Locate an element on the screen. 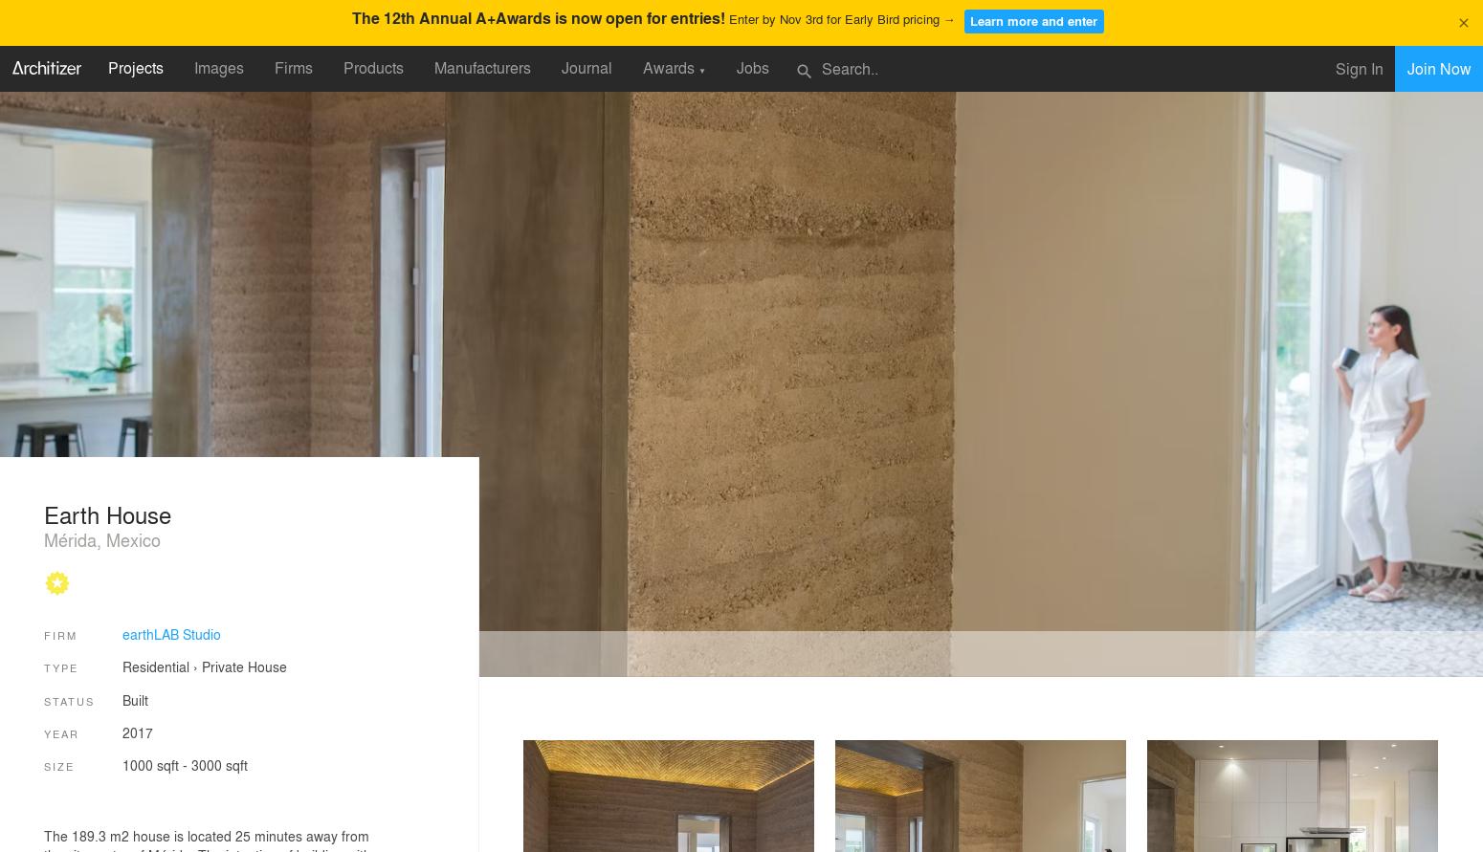 The height and width of the screenshot is (852, 1483). 'SIZE' is located at coordinates (58, 766).